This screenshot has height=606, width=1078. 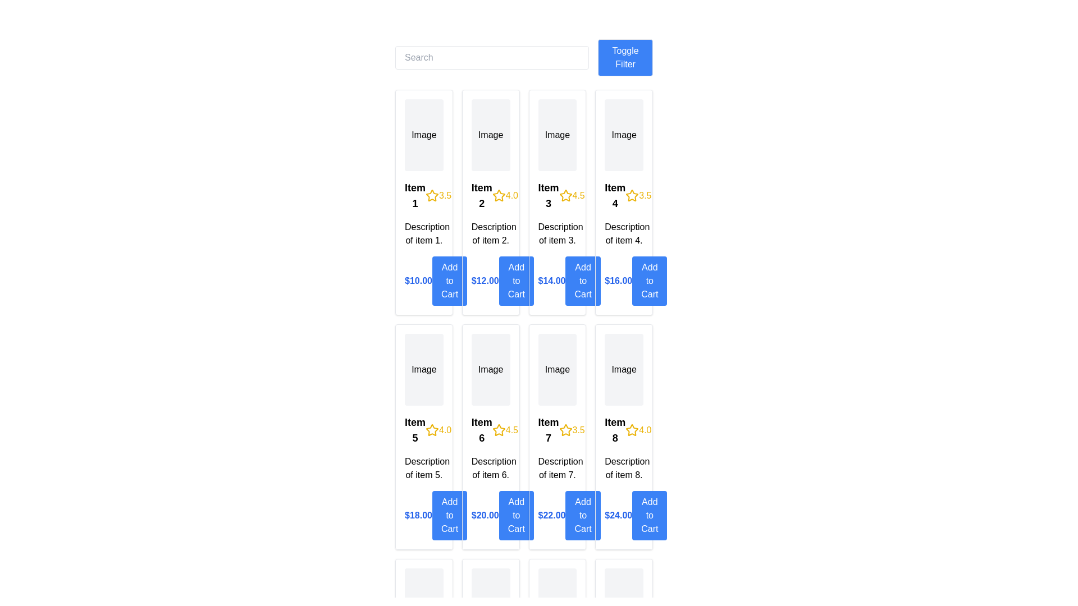 What do you see at coordinates (572, 430) in the screenshot?
I see `the Rating display indicating the score of '3.5' for 'Item 7', which is located to the right of the 'Item 7' title text in the top row of the card` at bounding box center [572, 430].